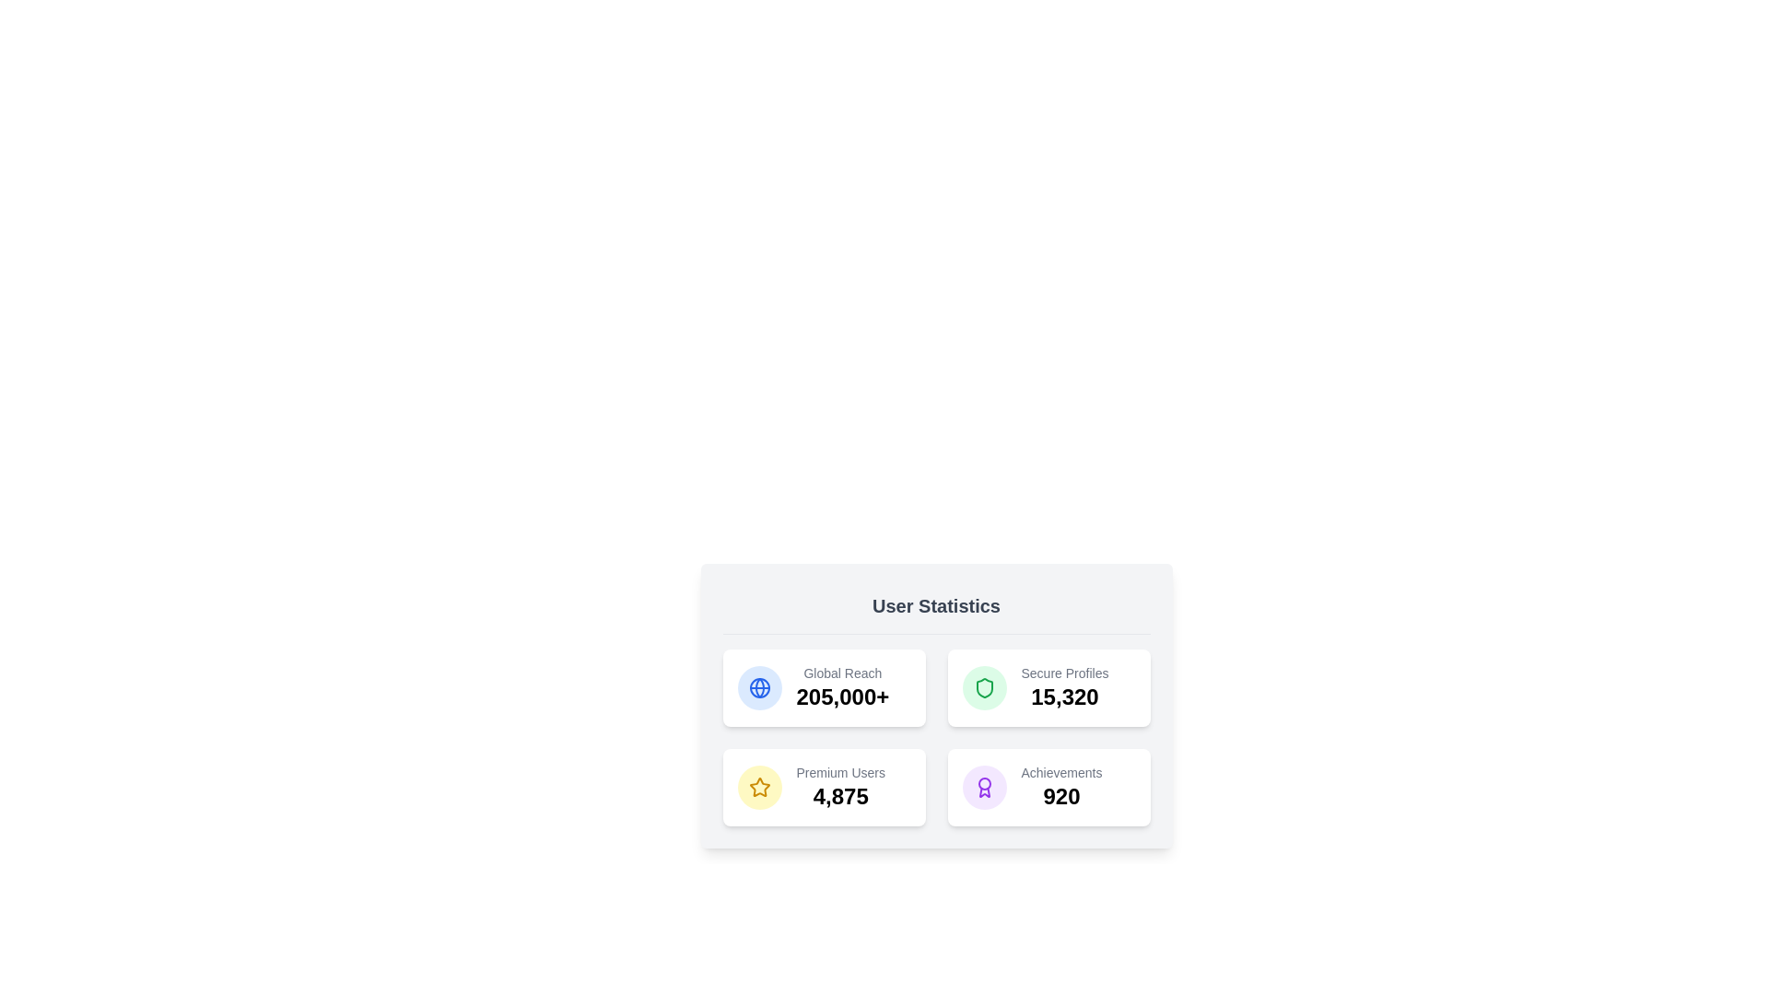 The image size is (1769, 995). I want to click on the Text Display Element that shows the count of 'Premium Users', located within the 'User Statistics' section, below the label 'Premium Users', so click(839, 795).